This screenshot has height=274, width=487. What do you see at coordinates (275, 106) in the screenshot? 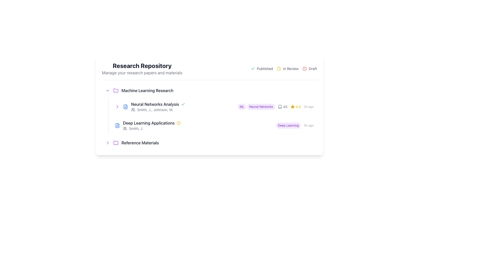
I see `icons in the composite UI component that includes badges, a text label, and star rating, located at the right-hand side of 'Neural Networks Analysis'` at bounding box center [275, 106].